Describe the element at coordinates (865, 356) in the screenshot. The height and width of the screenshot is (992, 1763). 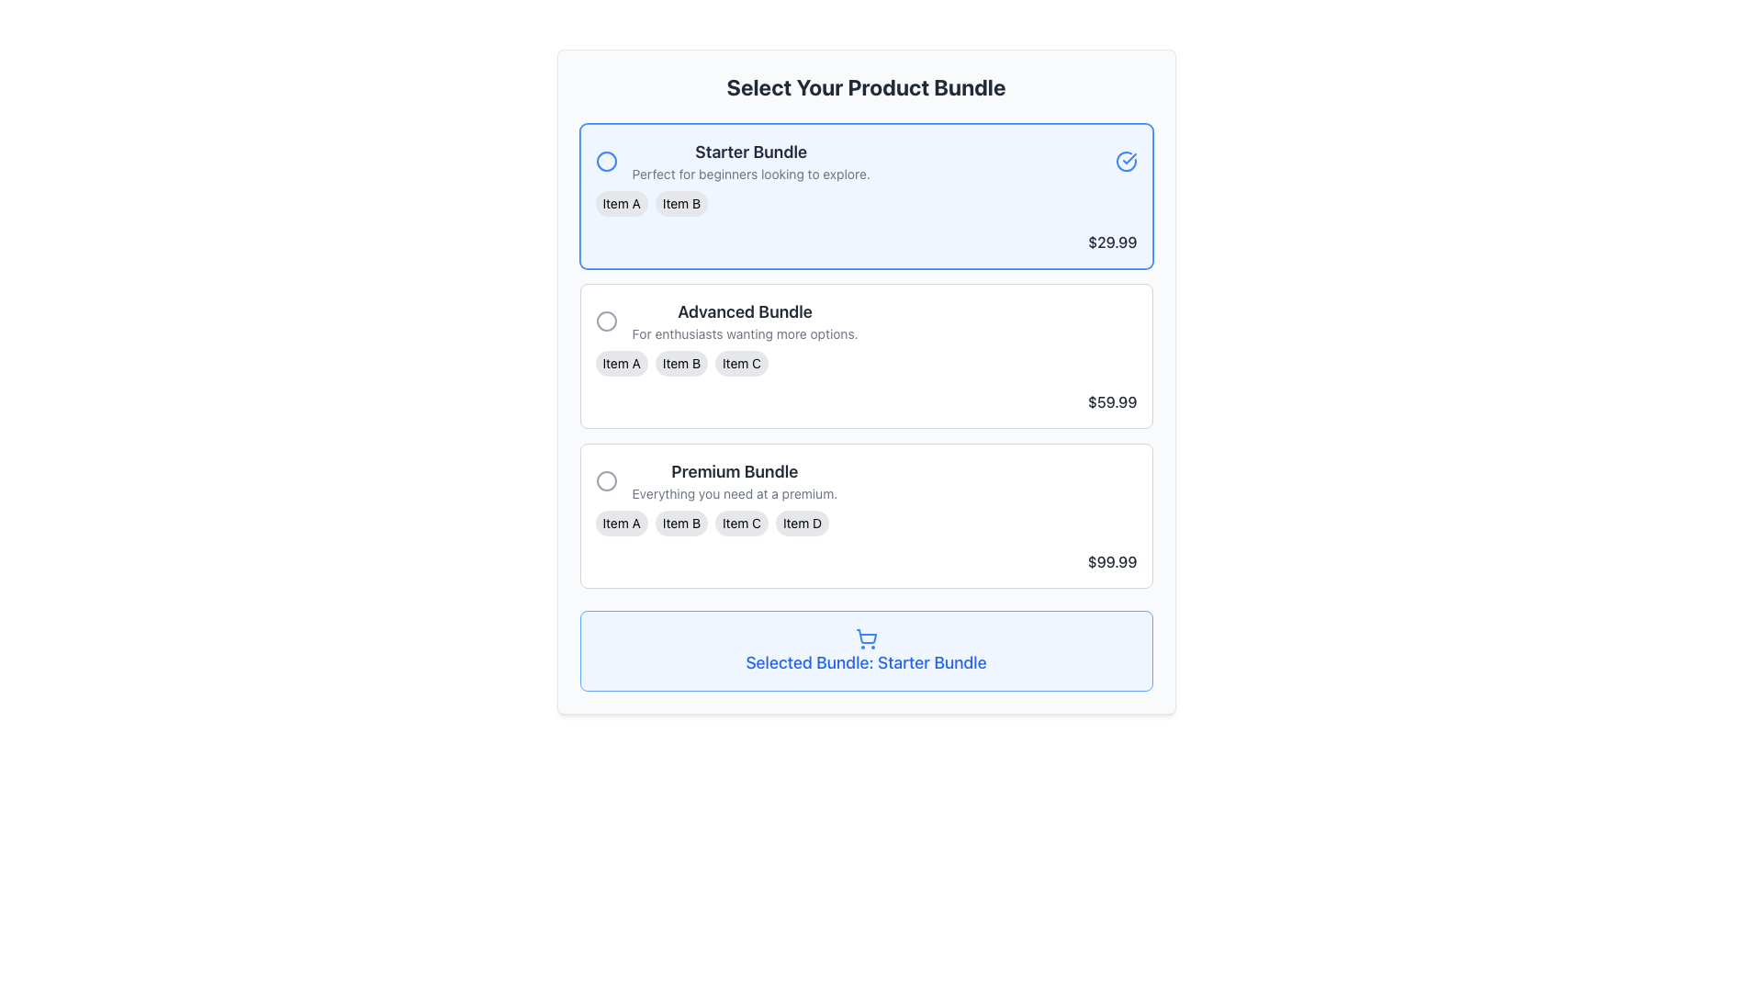
I see `the 'Advanced Bundle' selection card` at that location.